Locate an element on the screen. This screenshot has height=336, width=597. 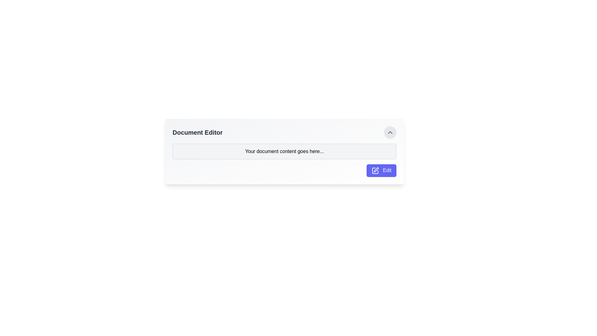
the decorative SVG graphic representing an edit action, located next to the Edit button in the document editor interface is located at coordinates (376, 170).